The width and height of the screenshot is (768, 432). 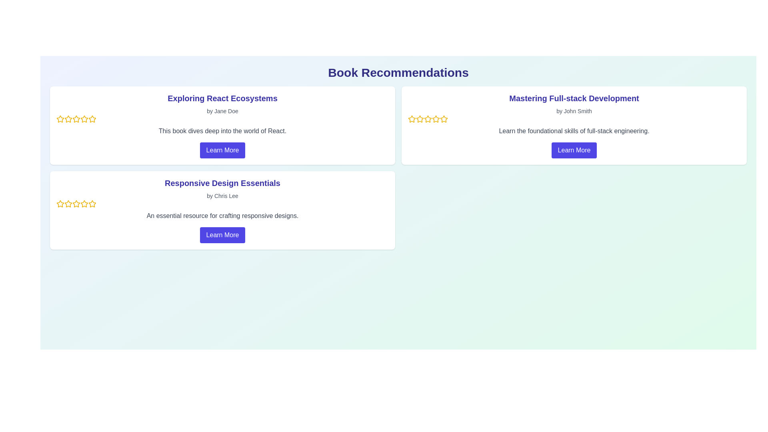 What do you see at coordinates (68, 203) in the screenshot?
I see `on the third star icon in the star rating system for the book 'Responsive Design Essentials' by Chris Lee` at bounding box center [68, 203].